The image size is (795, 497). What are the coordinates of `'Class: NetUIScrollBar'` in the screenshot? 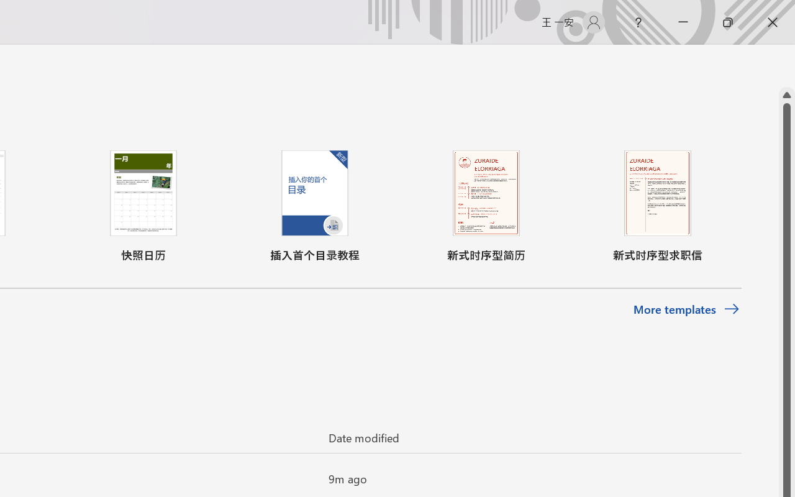 It's located at (786, 65).